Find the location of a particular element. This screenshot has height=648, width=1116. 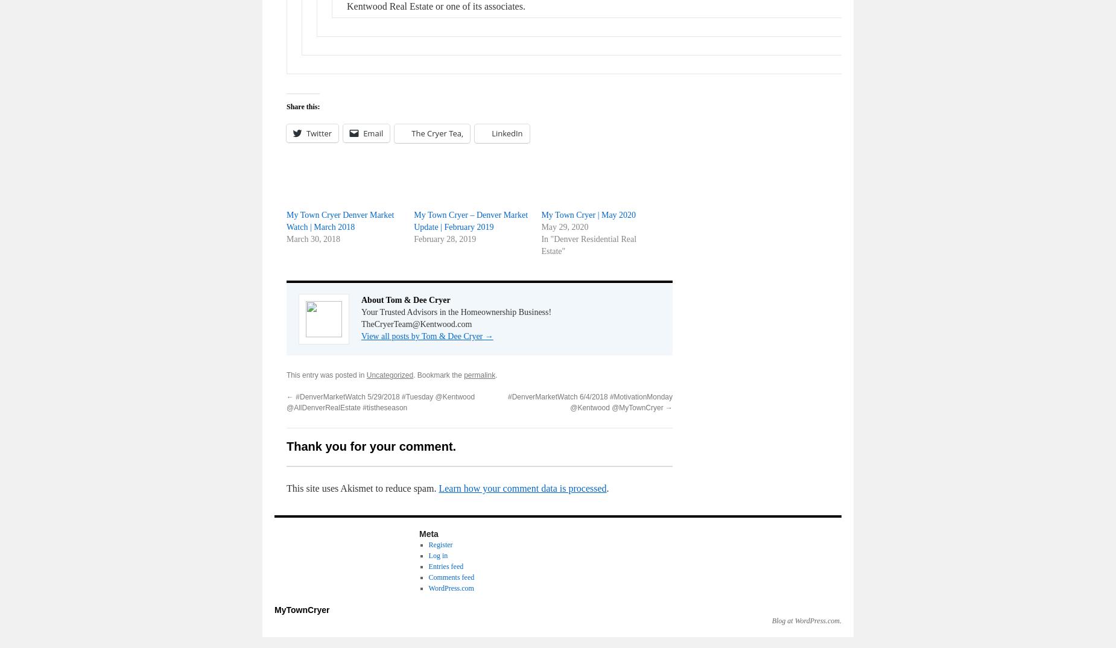

'About Tom & Dee Cryer' is located at coordinates (405, 300).